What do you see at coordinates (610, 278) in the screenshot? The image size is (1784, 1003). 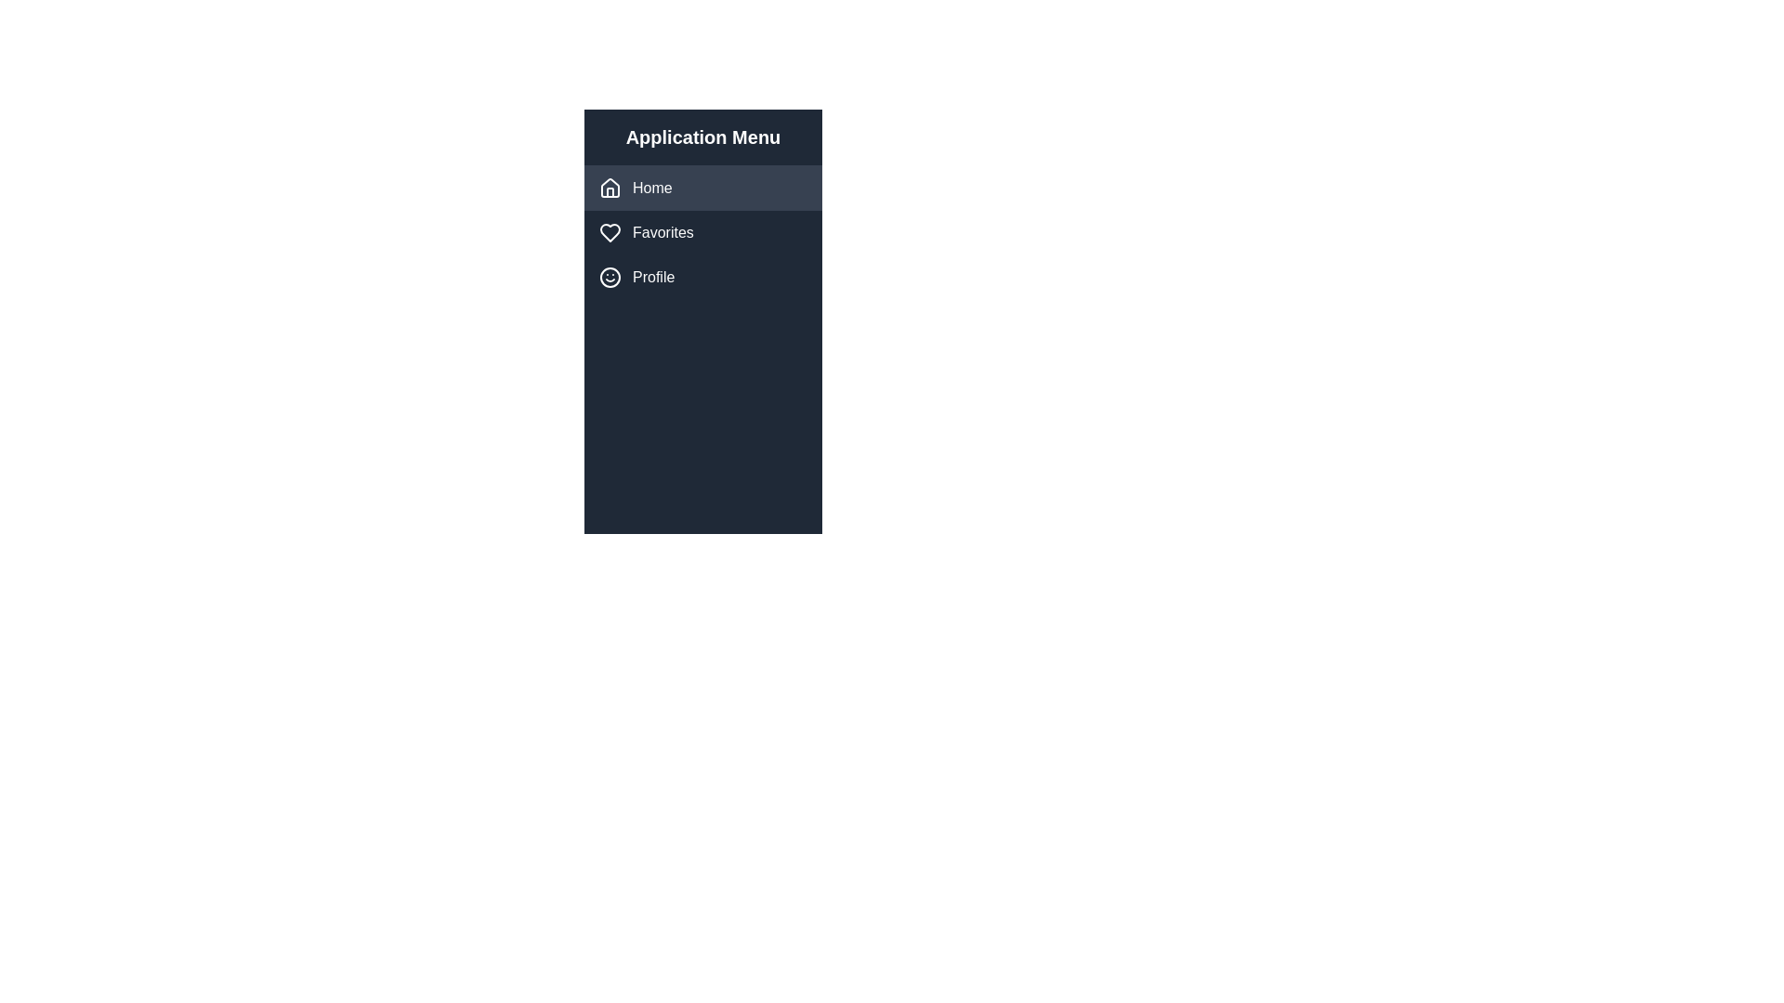 I see `the circular smiley face icon located on the left side of the 'Profile' item within the menu list` at bounding box center [610, 278].